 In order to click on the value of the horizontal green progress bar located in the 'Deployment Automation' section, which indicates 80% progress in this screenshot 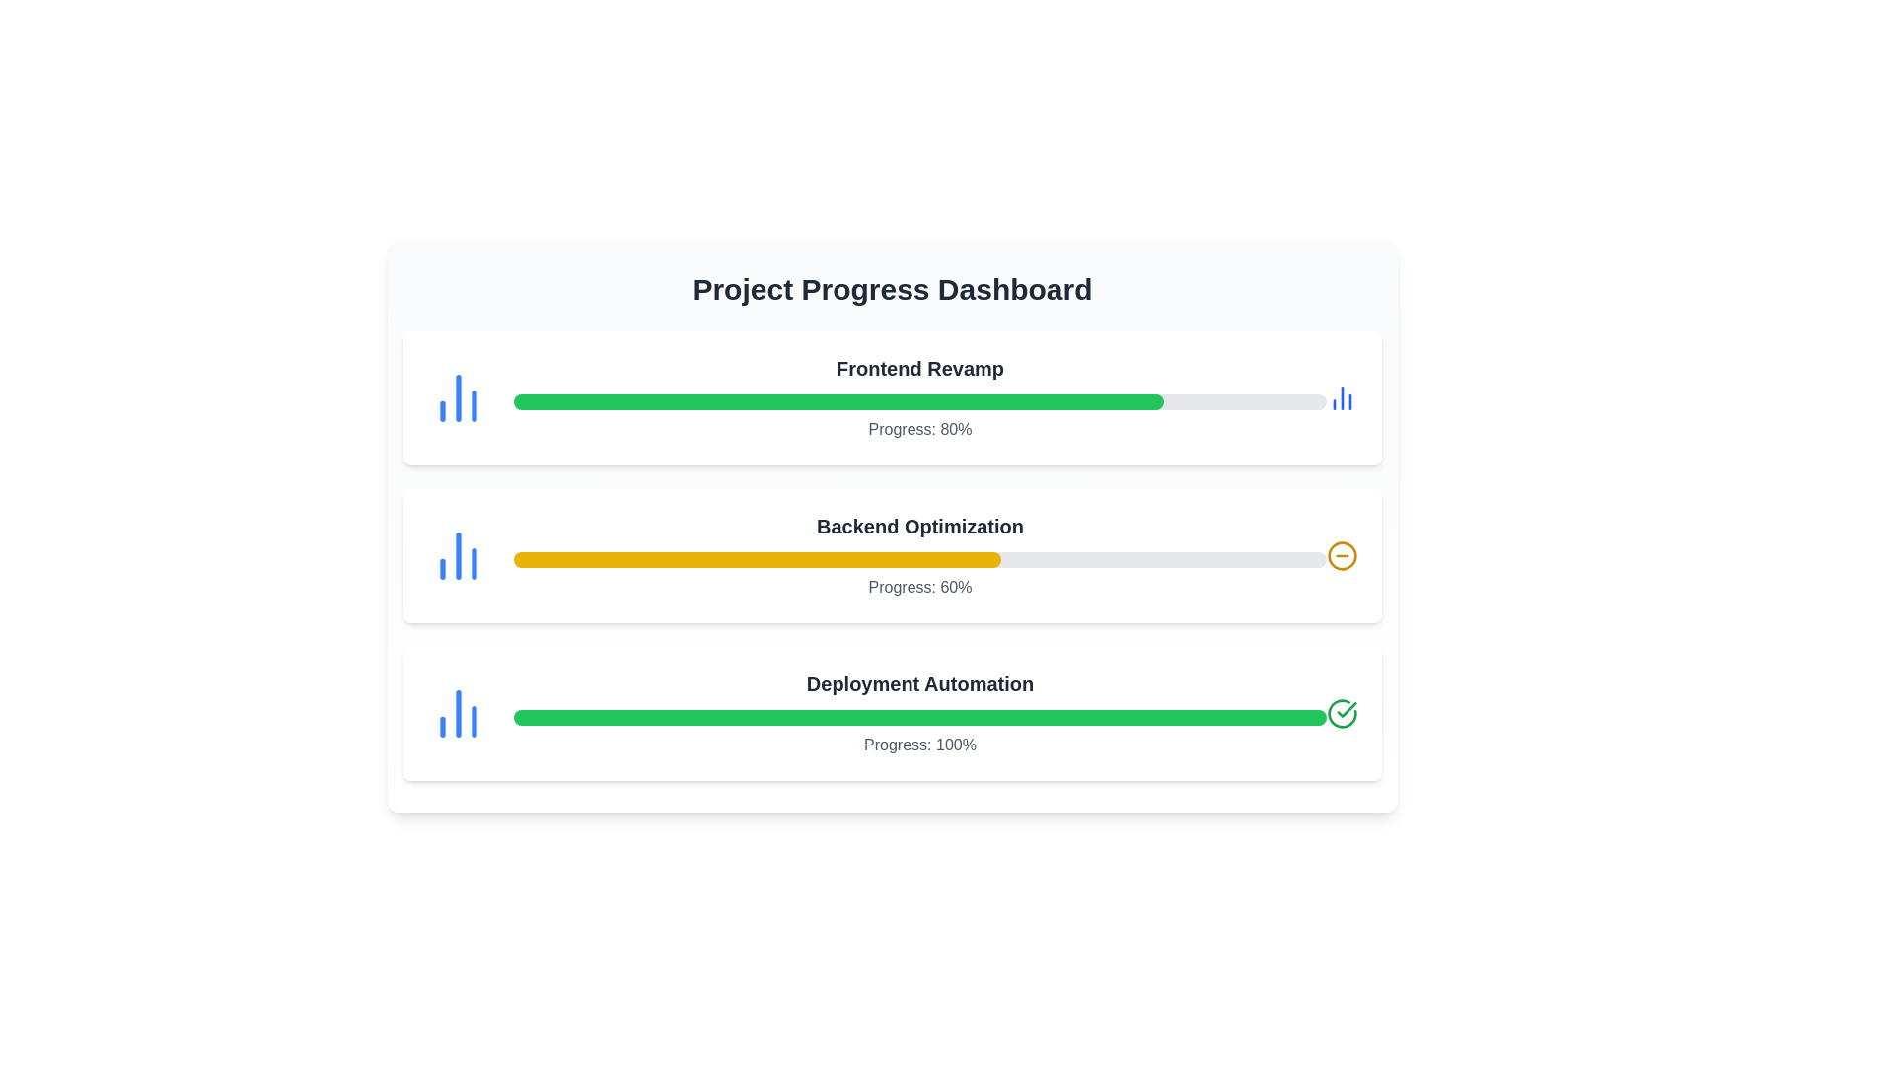, I will do `click(838, 401)`.